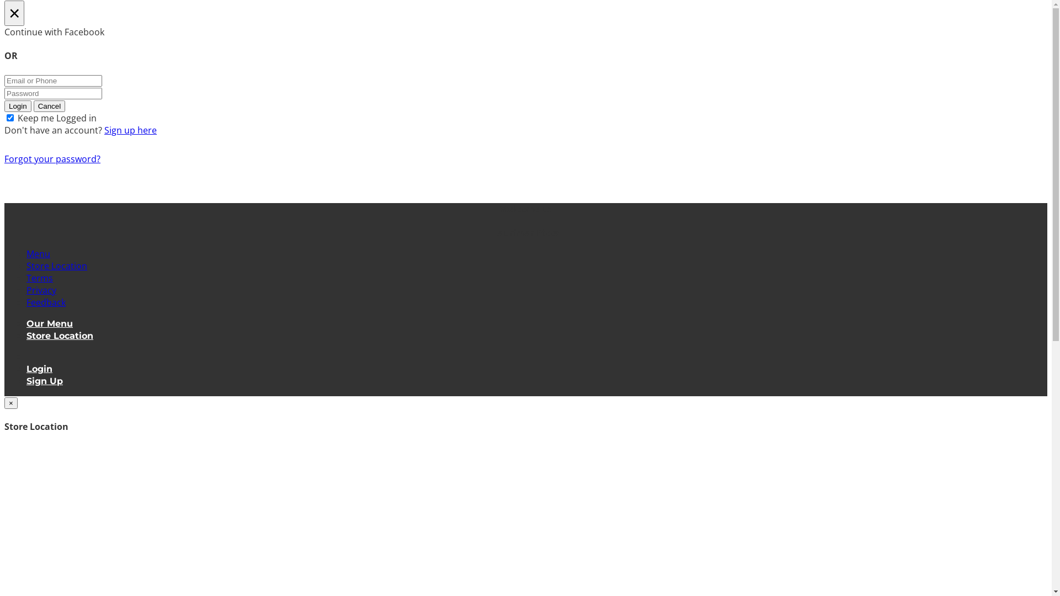 This screenshot has width=1060, height=596. Describe the element at coordinates (4, 159) in the screenshot. I see `'Forgot your password?'` at that location.